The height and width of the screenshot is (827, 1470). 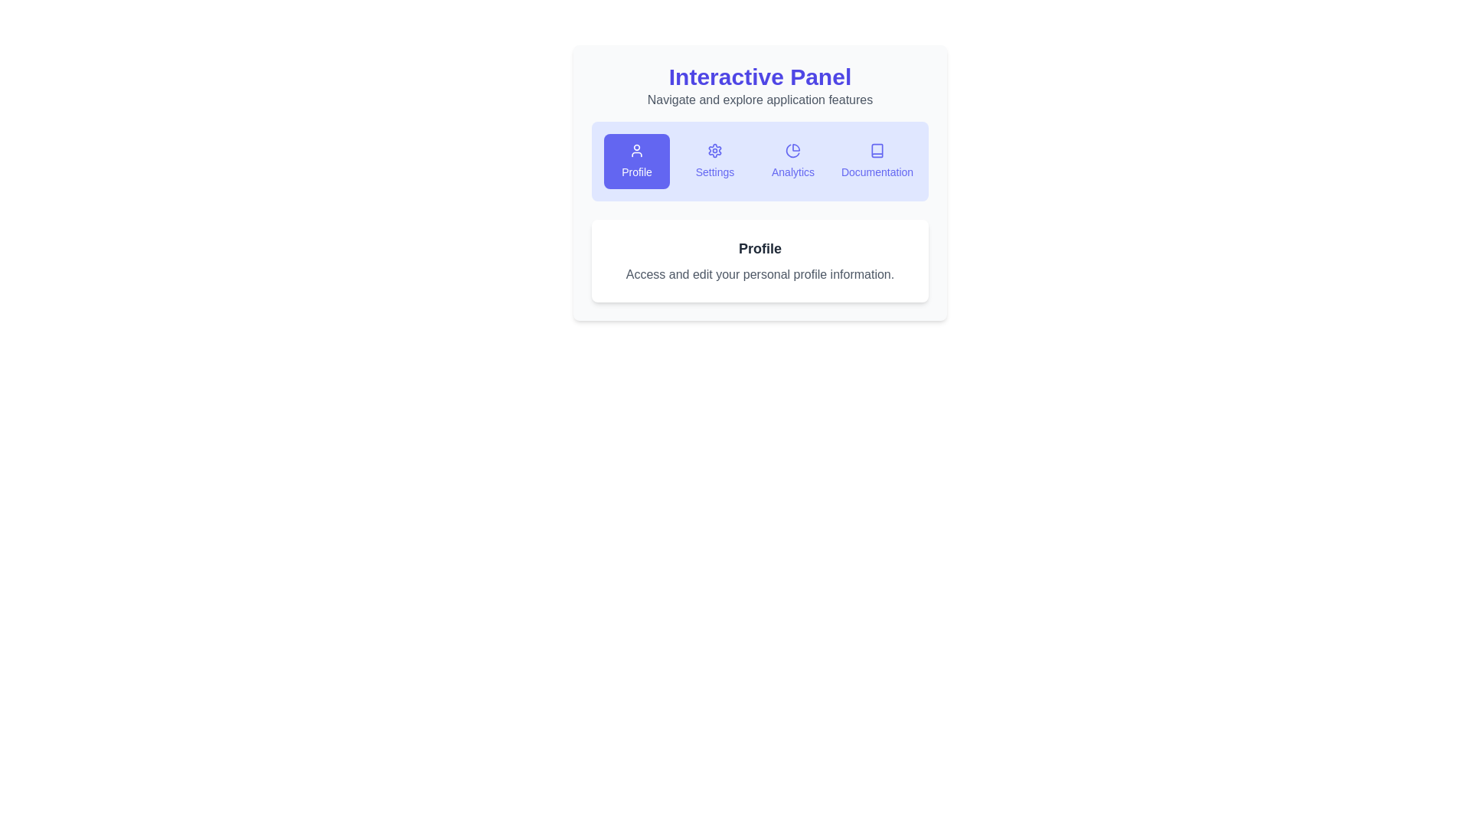 I want to click on a specific card in the Interactive navigation panel, so click(x=760, y=182).